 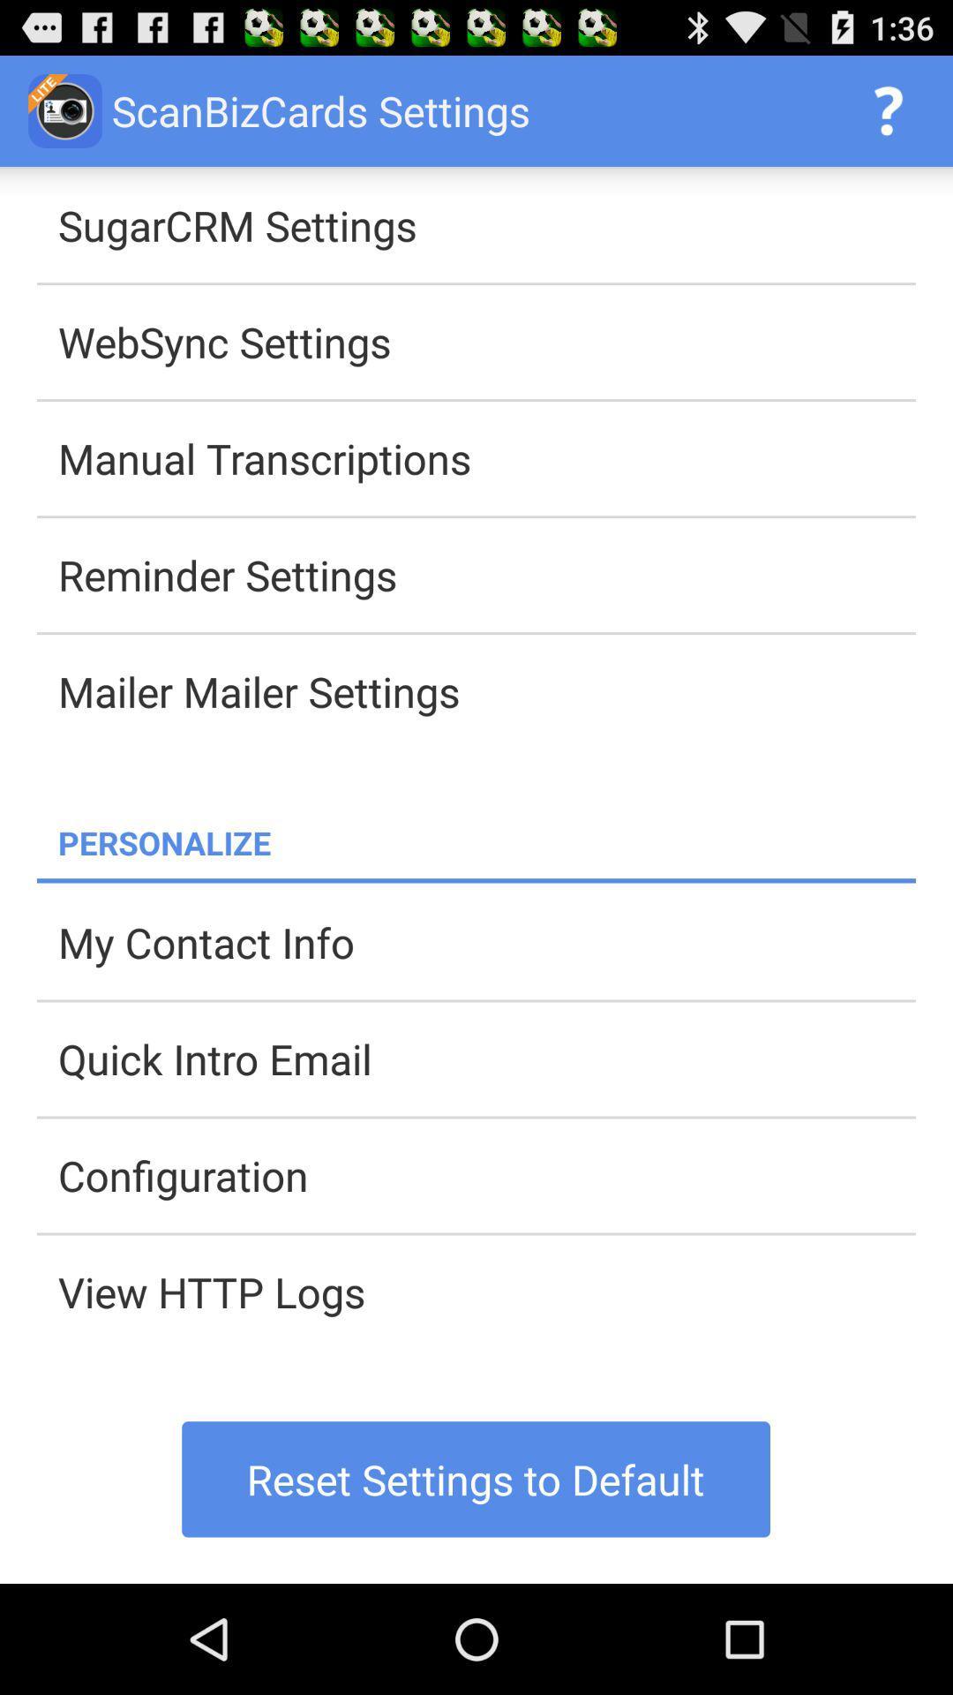 What do you see at coordinates (476, 880) in the screenshot?
I see `the item below the personalize` at bounding box center [476, 880].